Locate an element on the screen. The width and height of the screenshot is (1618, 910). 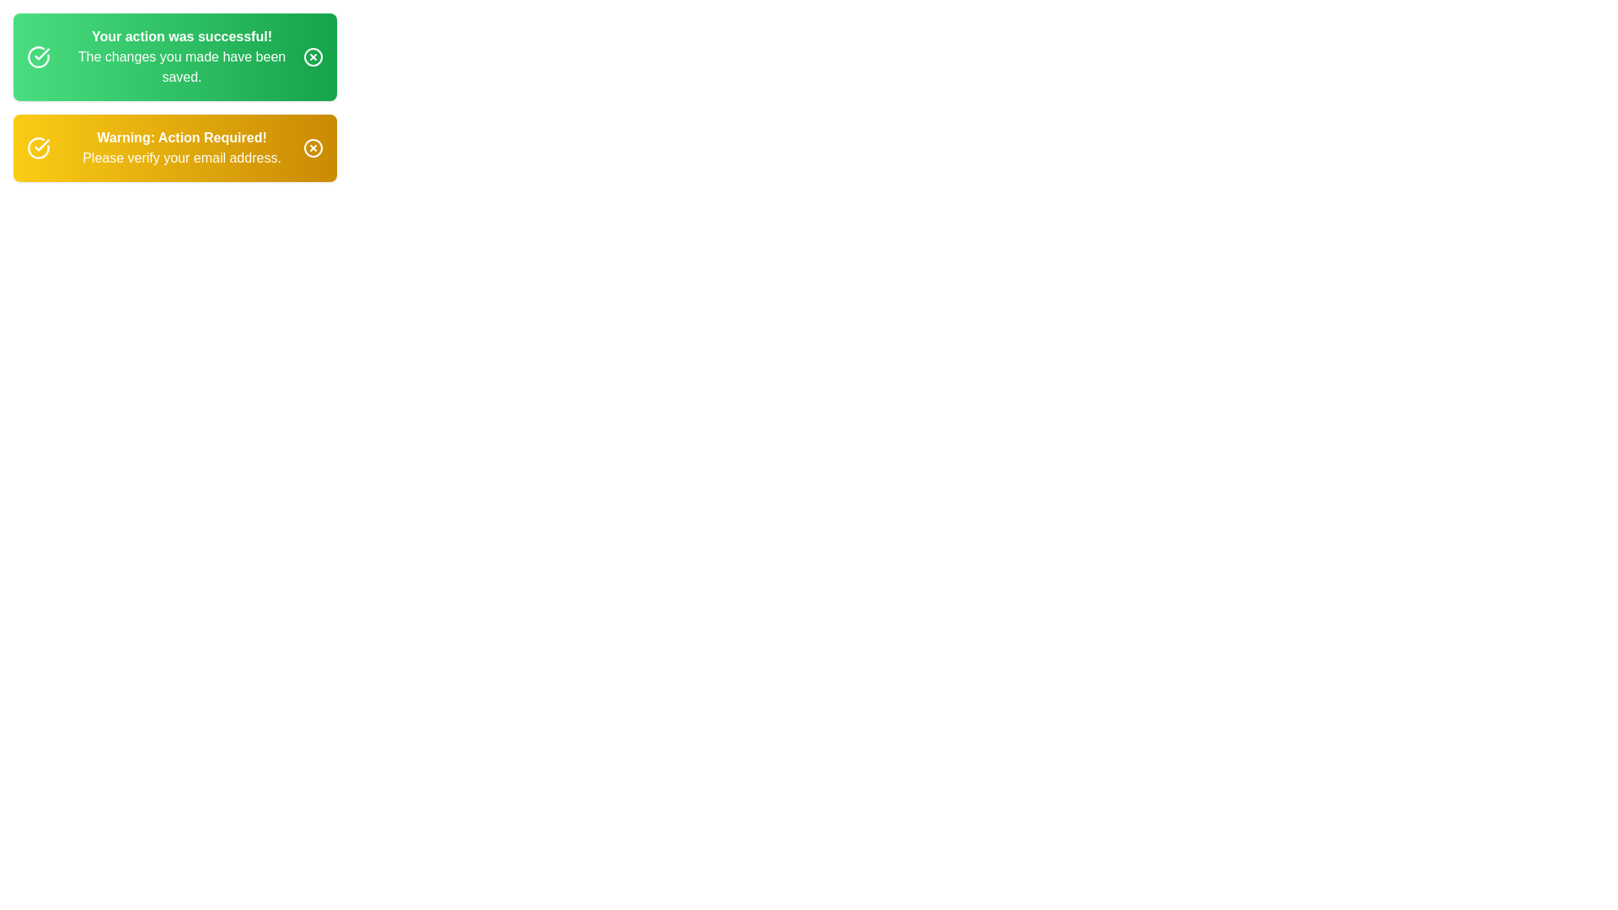
the close button to observe any hover effects is located at coordinates (313, 56).